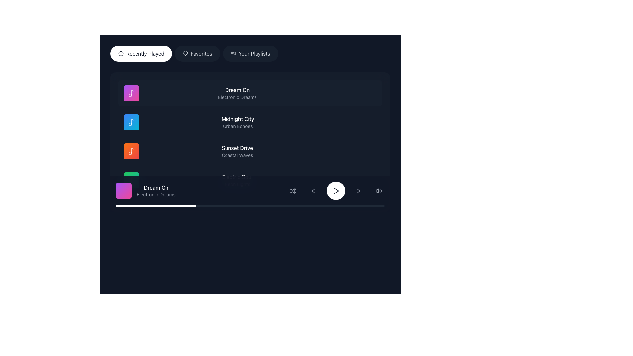 This screenshot has height=356, width=633. What do you see at coordinates (340, 151) in the screenshot?
I see `the toggle-able 'like' or 'favorite' button located beside the 'Sunset Drive' item in the list` at bounding box center [340, 151].